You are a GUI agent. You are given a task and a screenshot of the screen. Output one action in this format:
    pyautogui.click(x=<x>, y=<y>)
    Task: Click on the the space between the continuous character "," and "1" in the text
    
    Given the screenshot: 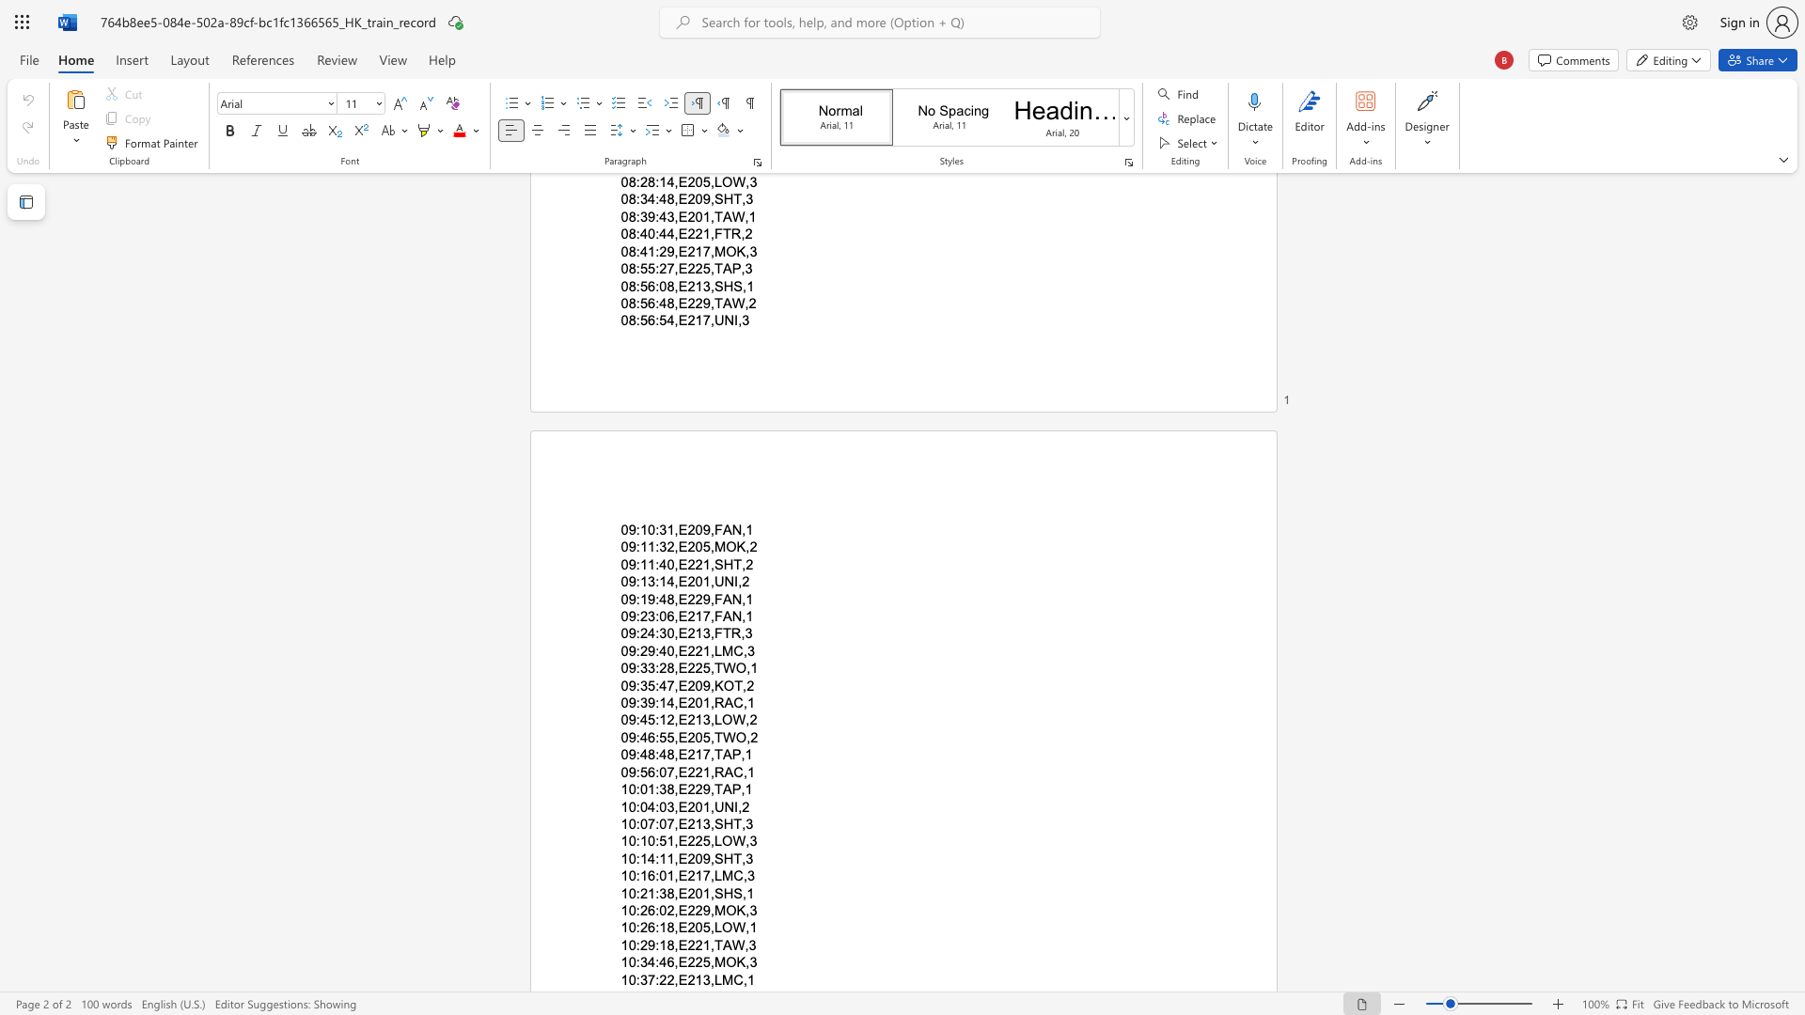 What is the action you would take?
    pyautogui.click(x=749, y=927)
    